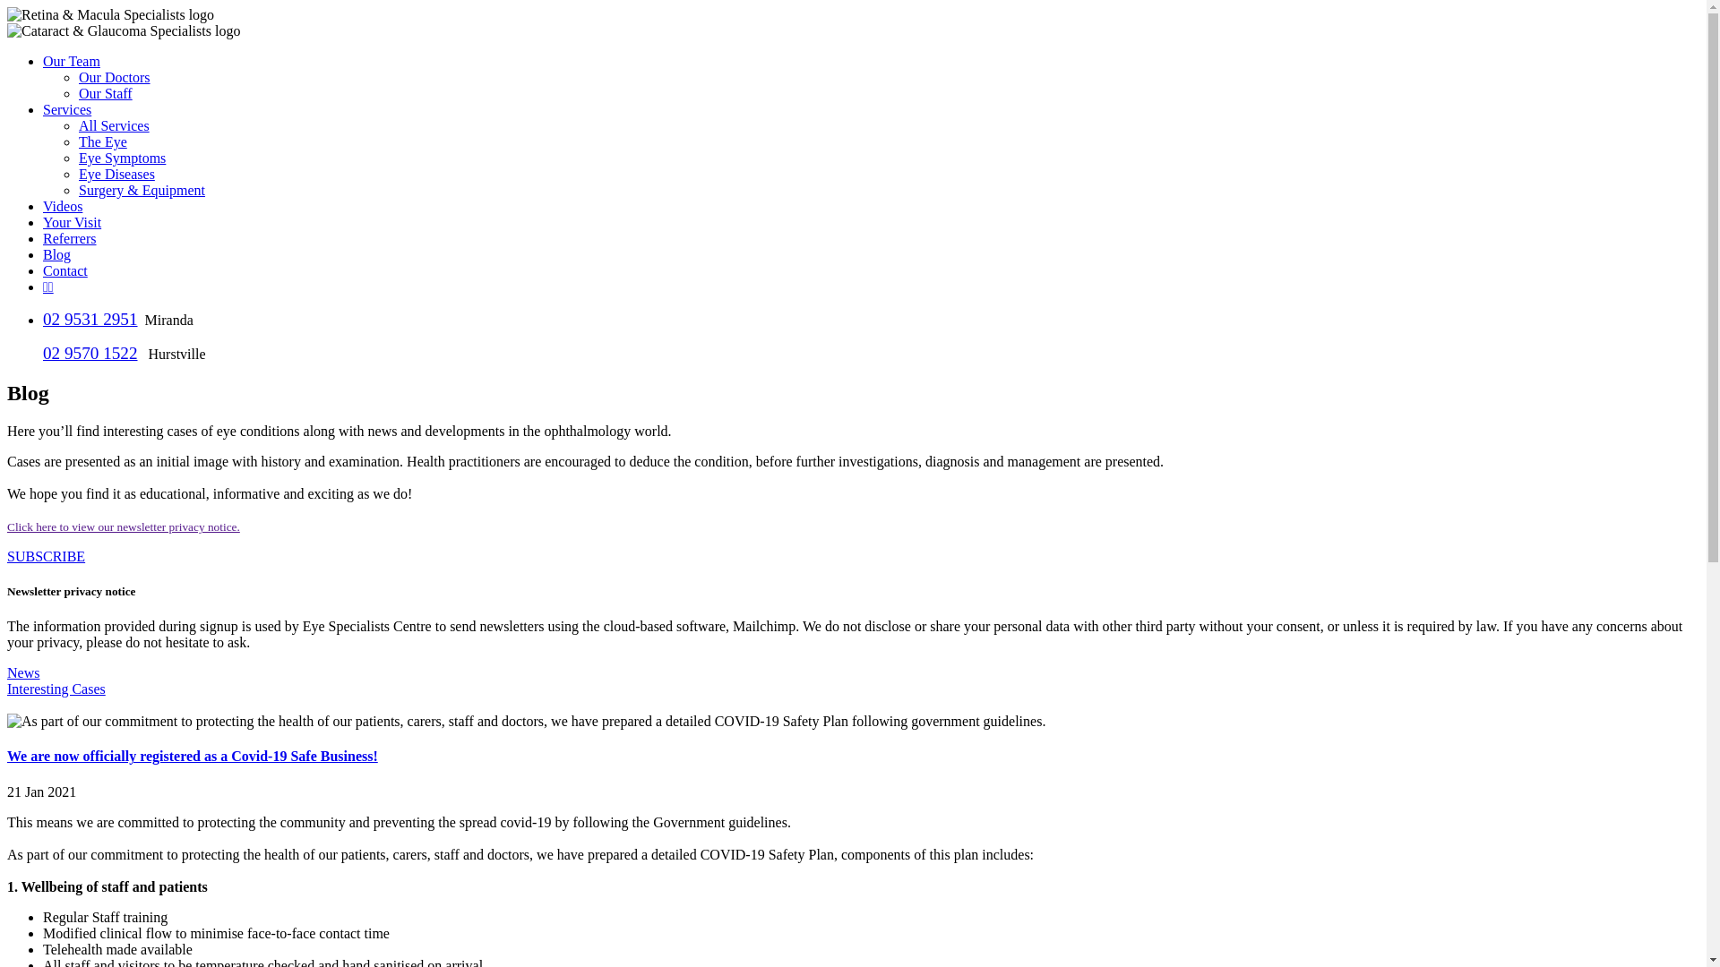 This screenshot has width=1720, height=967. What do you see at coordinates (64, 270) in the screenshot?
I see `'Contact'` at bounding box center [64, 270].